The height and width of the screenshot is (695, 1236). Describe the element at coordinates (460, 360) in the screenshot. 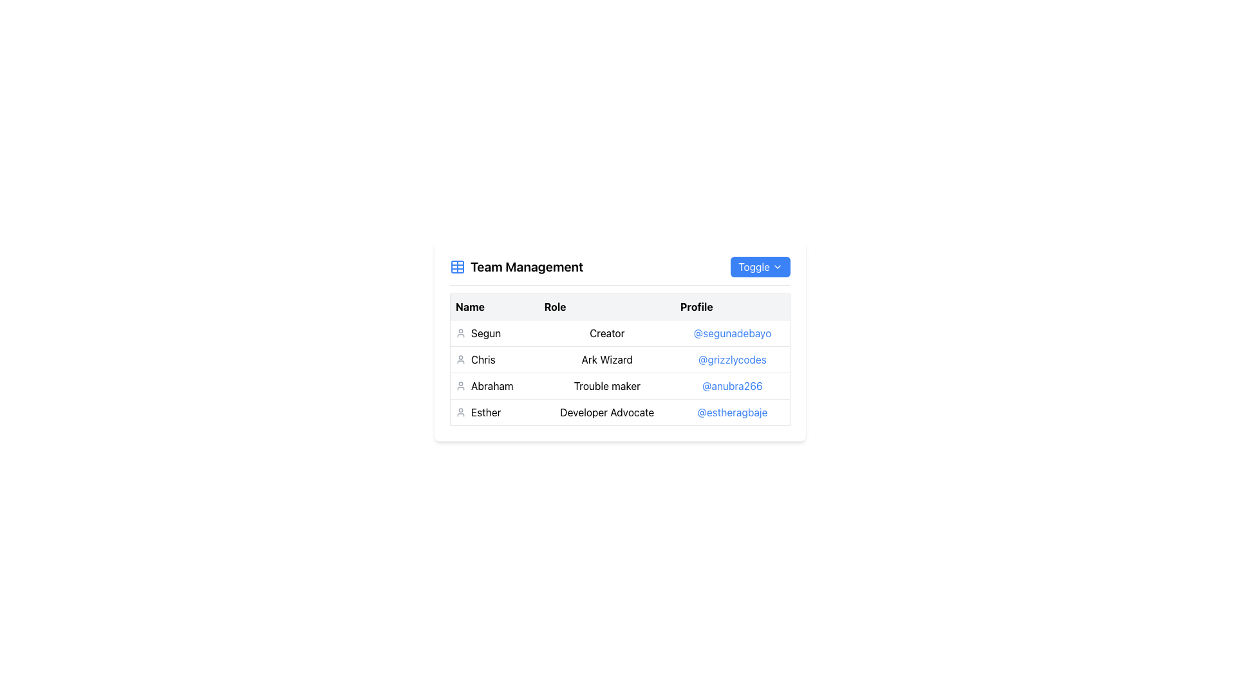

I see `the user icon associated with the row containing the name 'Chris', the role 'Ark Wizard', and the profile '@grizzlycodes' in the 'Team Management' table to associate its context with the row information` at that location.